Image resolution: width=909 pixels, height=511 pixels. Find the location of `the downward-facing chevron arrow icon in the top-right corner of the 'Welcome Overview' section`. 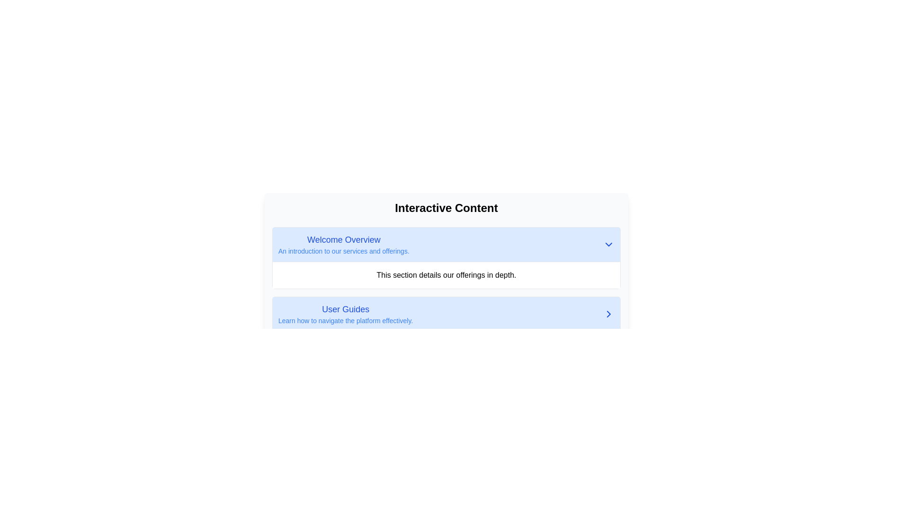

the downward-facing chevron arrow icon in the top-right corner of the 'Welcome Overview' section is located at coordinates (609, 244).